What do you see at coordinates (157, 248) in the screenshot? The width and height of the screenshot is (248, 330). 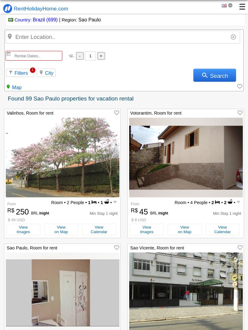 I see `'Sao Vicente, Room for rent'` at bounding box center [157, 248].